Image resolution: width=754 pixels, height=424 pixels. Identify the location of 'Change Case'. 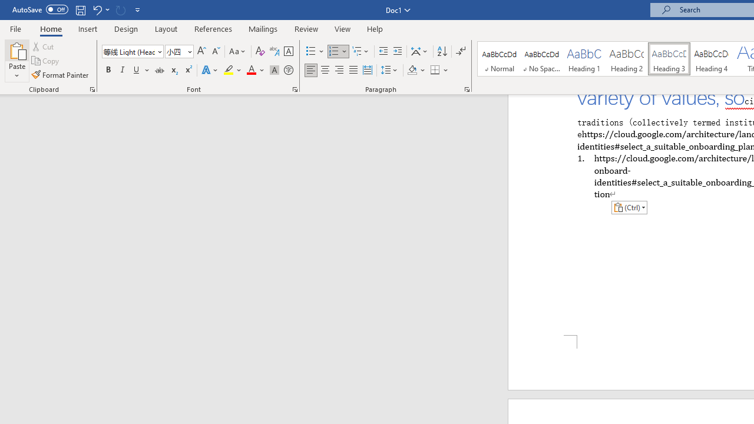
(237, 51).